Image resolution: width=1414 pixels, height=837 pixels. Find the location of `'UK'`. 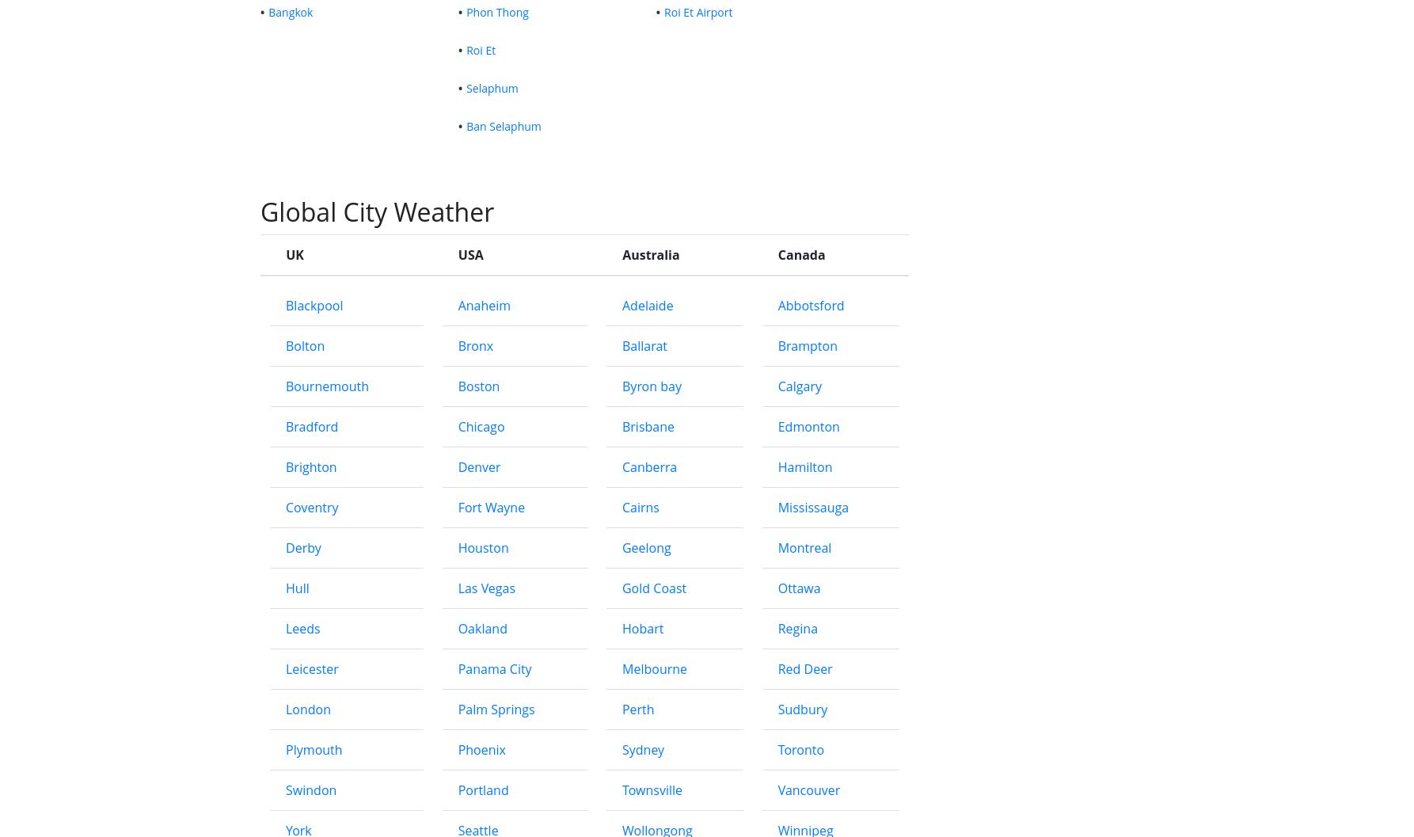

'UK' is located at coordinates (293, 489).